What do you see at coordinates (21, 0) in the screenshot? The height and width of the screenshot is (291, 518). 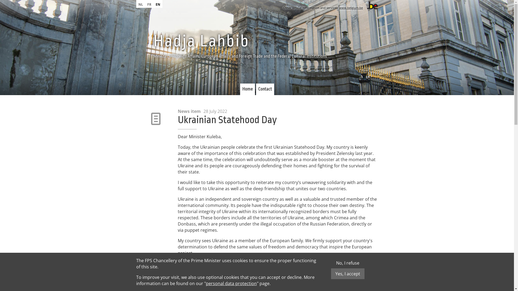 I see `'Skip to main content'` at bounding box center [21, 0].